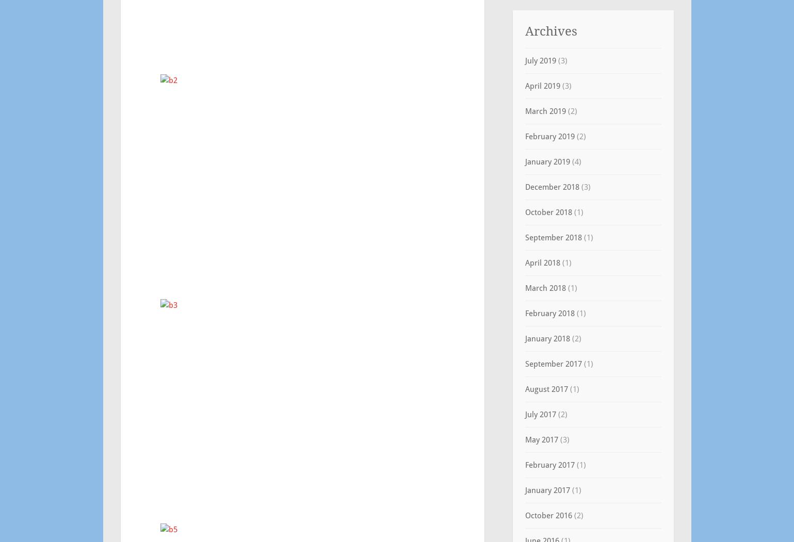 The height and width of the screenshot is (542, 794). Describe the element at coordinates (546, 490) in the screenshot. I see `'January 2017'` at that location.